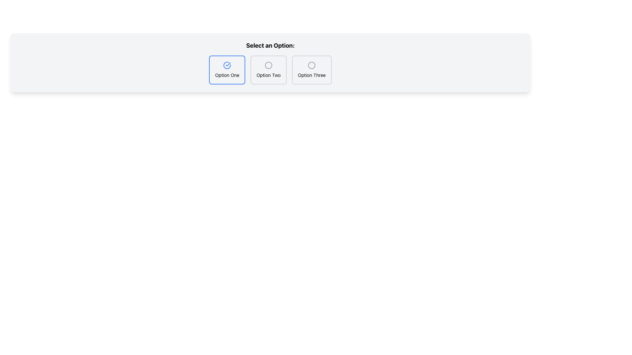  What do you see at coordinates (270, 70) in the screenshot?
I see `the radio button group containing 'Option One', 'Option Two', and 'Option Three'` at bounding box center [270, 70].